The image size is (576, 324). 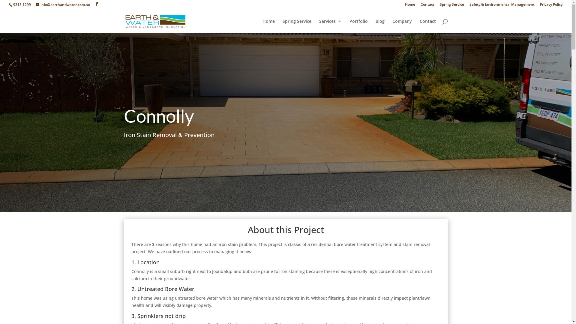 What do you see at coordinates (375, 26) in the screenshot?
I see `'Blog'` at bounding box center [375, 26].